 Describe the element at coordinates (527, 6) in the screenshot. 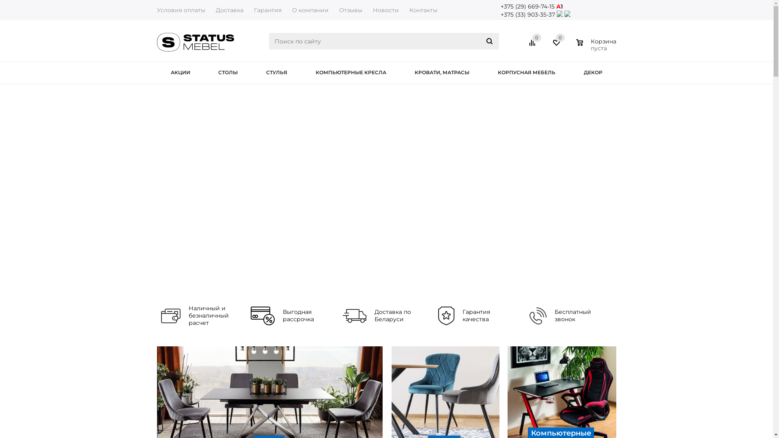

I see `'+375 (29) 669-74-15'` at that location.